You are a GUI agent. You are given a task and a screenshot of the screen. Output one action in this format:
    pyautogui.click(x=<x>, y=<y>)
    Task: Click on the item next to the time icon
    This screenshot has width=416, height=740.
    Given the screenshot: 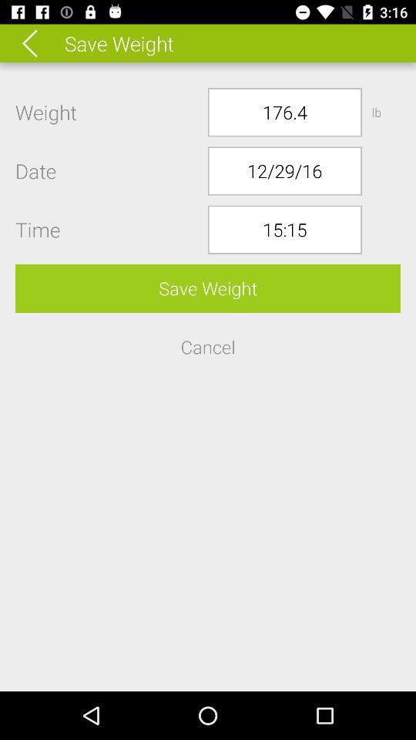 What is the action you would take?
    pyautogui.click(x=283, y=229)
    